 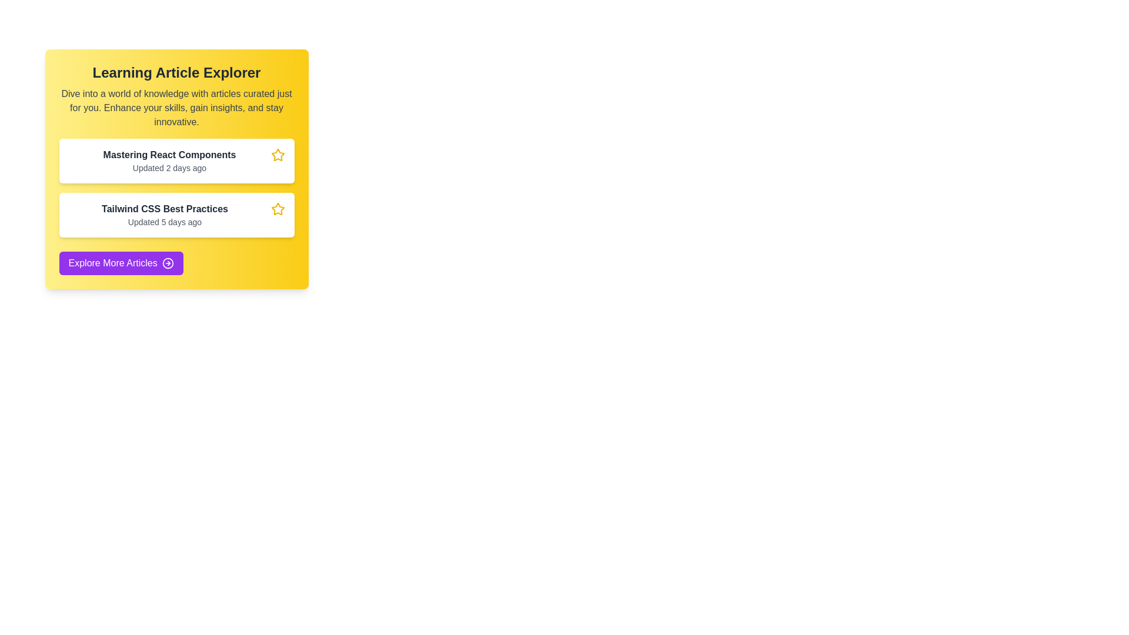 What do you see at coordinates (277, 208) in the screenshot?
I see `the Star Icon, which serves as a visual marker for rating or favoritism` at bounding box center [277, 208].